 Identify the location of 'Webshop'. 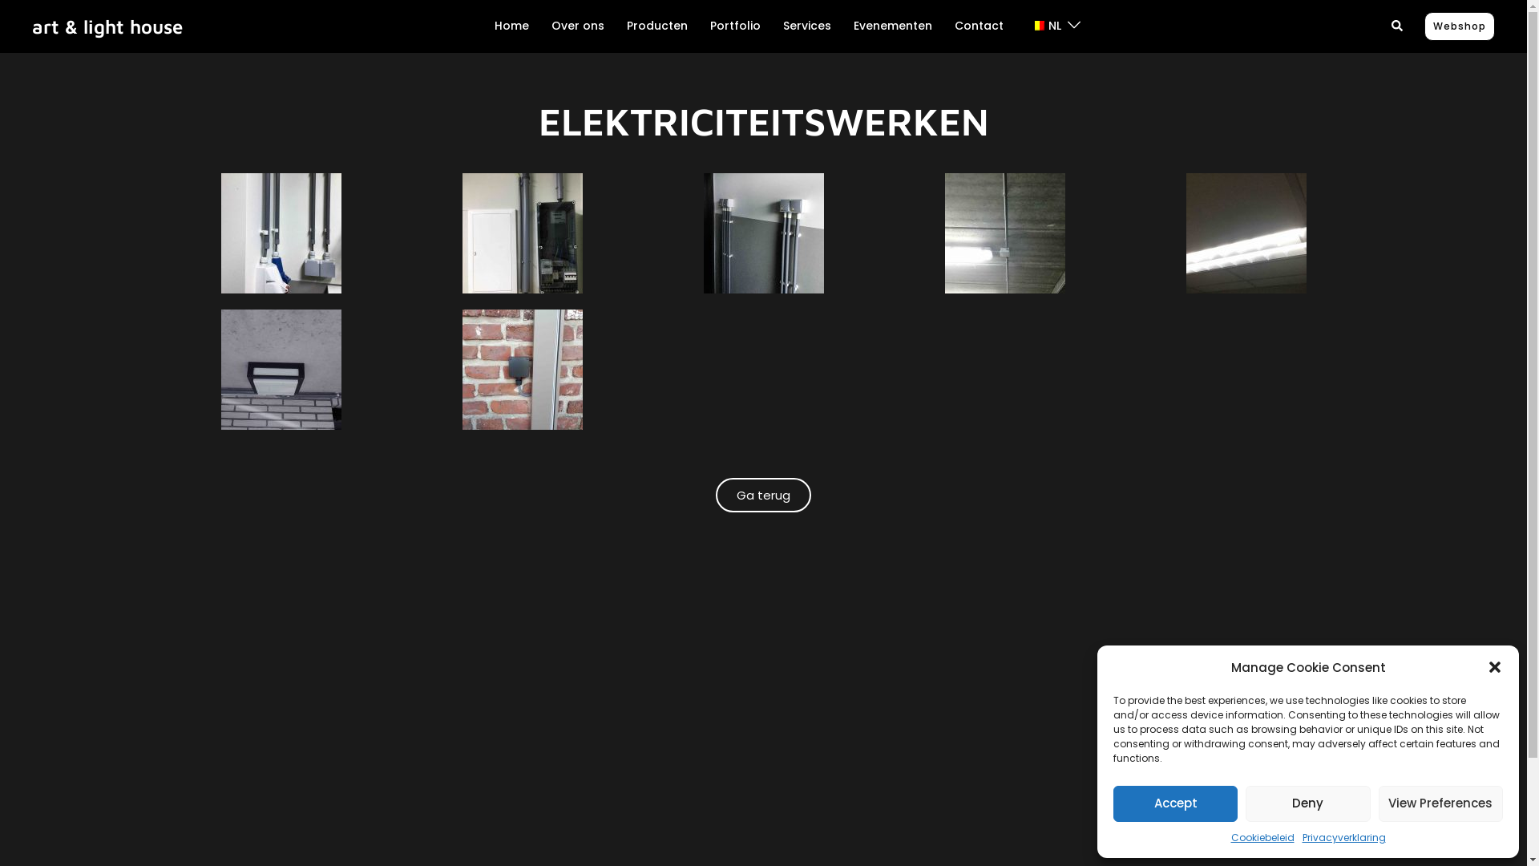
(1459, 26).